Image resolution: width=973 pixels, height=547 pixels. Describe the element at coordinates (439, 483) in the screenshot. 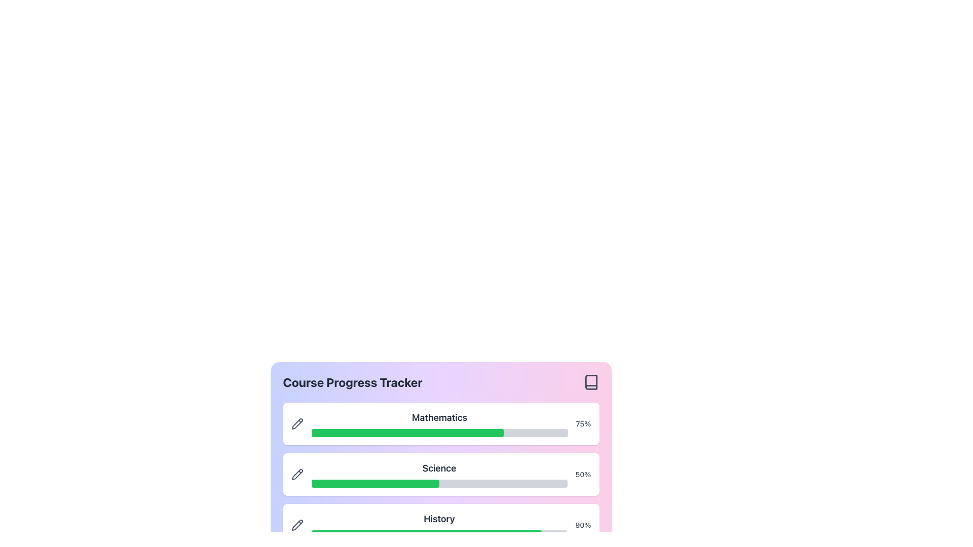

I see `the progress value of the progress bar under the 'Science' section, which visually indicates 50% progress with a green fill on a gray background` at that location.